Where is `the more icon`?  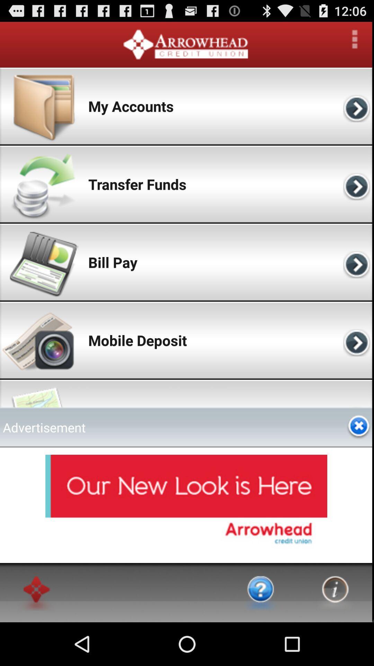 the more icon is located at coordinates (355, 42).